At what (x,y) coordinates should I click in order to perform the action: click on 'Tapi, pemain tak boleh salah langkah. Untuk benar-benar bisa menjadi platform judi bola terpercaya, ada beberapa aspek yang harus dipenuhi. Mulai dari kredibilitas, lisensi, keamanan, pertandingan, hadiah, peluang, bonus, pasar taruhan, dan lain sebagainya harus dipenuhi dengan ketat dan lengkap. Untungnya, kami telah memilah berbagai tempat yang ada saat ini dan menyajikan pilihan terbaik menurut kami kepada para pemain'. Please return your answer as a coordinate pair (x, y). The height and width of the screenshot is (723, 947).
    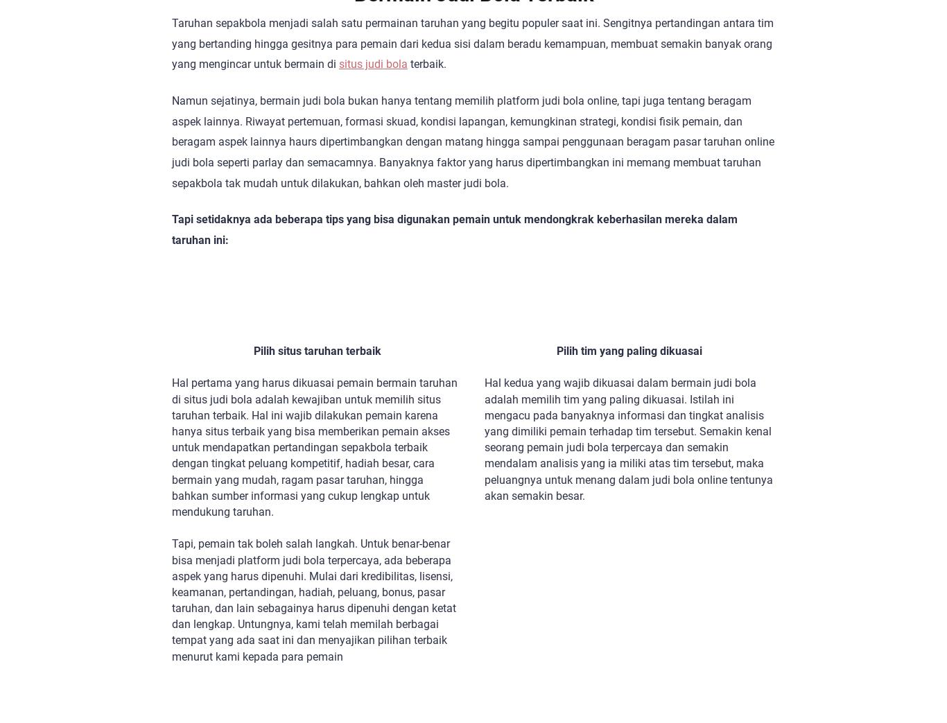
    Looking at the image, I should click on (313, 600).